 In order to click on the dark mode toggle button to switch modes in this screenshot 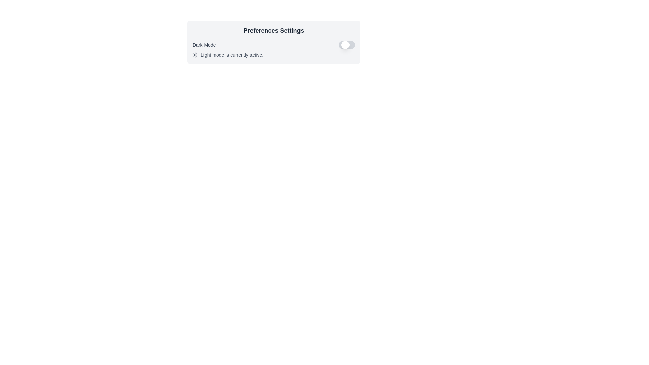, I will do `click(347, 45)`.